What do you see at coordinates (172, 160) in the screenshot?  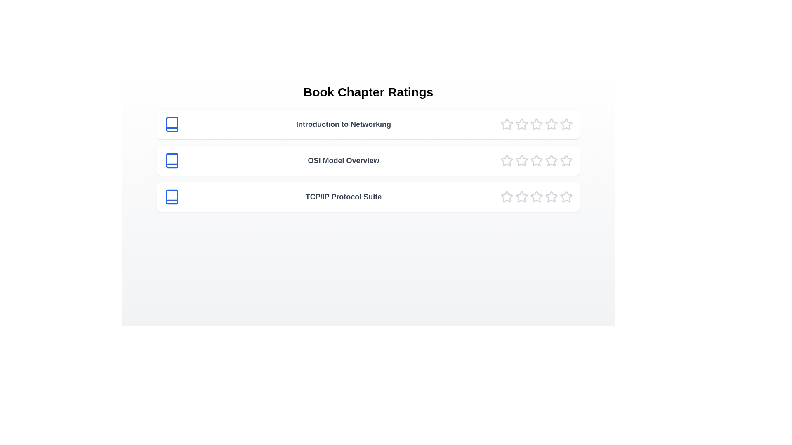 I see `the chapter icon for OSI Model Overview to inspect it` at bounding box center [172, 160].